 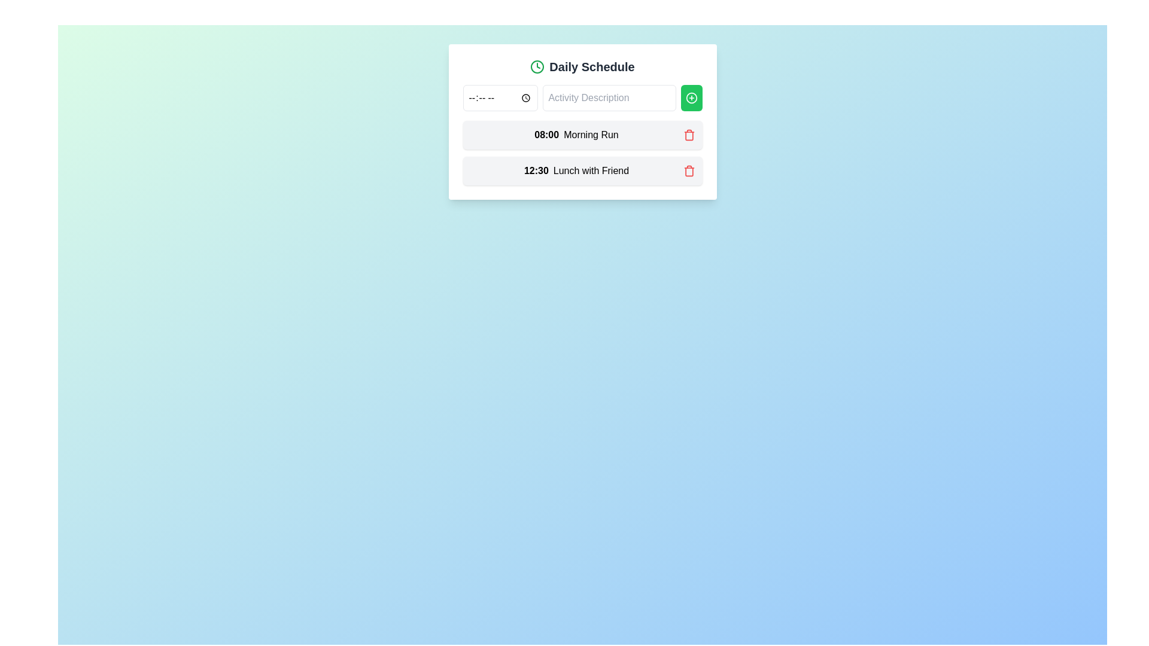 What do you see at coordinates (546, 135) in the screenshot?
I see `the bold, black text displaying '08:00' which is located next to 'Morning Run' in the 'Daily Schedule' section` at bounding box center [546, 135].